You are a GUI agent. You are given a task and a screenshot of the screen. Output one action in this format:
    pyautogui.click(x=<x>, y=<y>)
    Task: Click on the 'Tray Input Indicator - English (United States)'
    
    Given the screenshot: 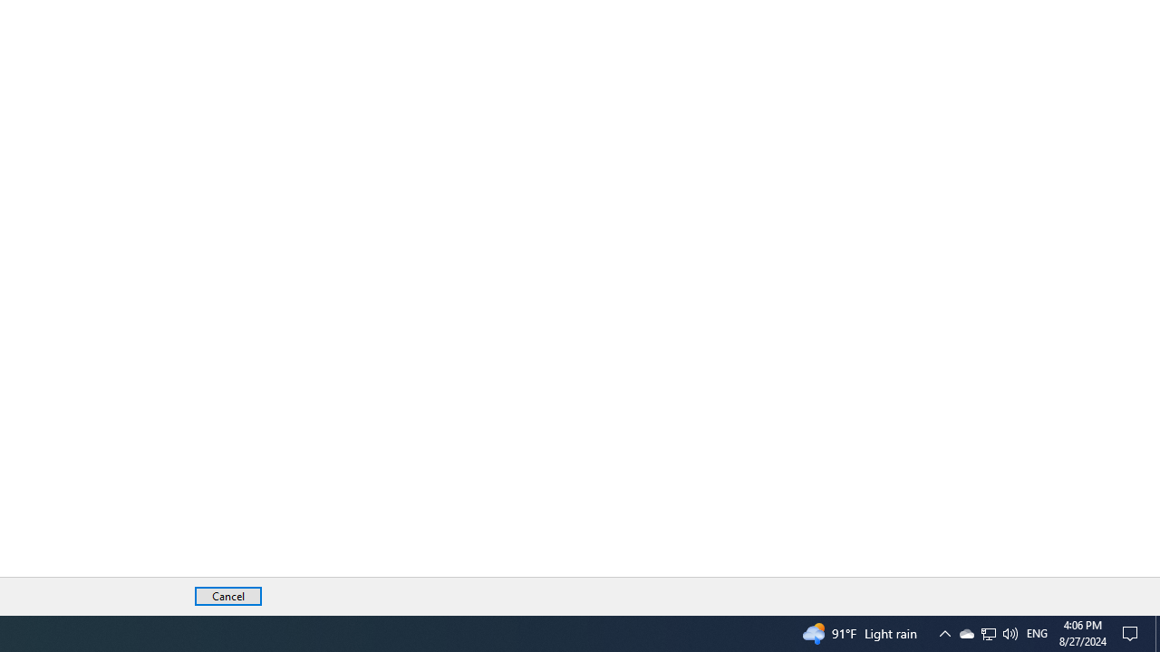 What is the action you would take?
    pyautogui.click(x=1037, y=632)
    